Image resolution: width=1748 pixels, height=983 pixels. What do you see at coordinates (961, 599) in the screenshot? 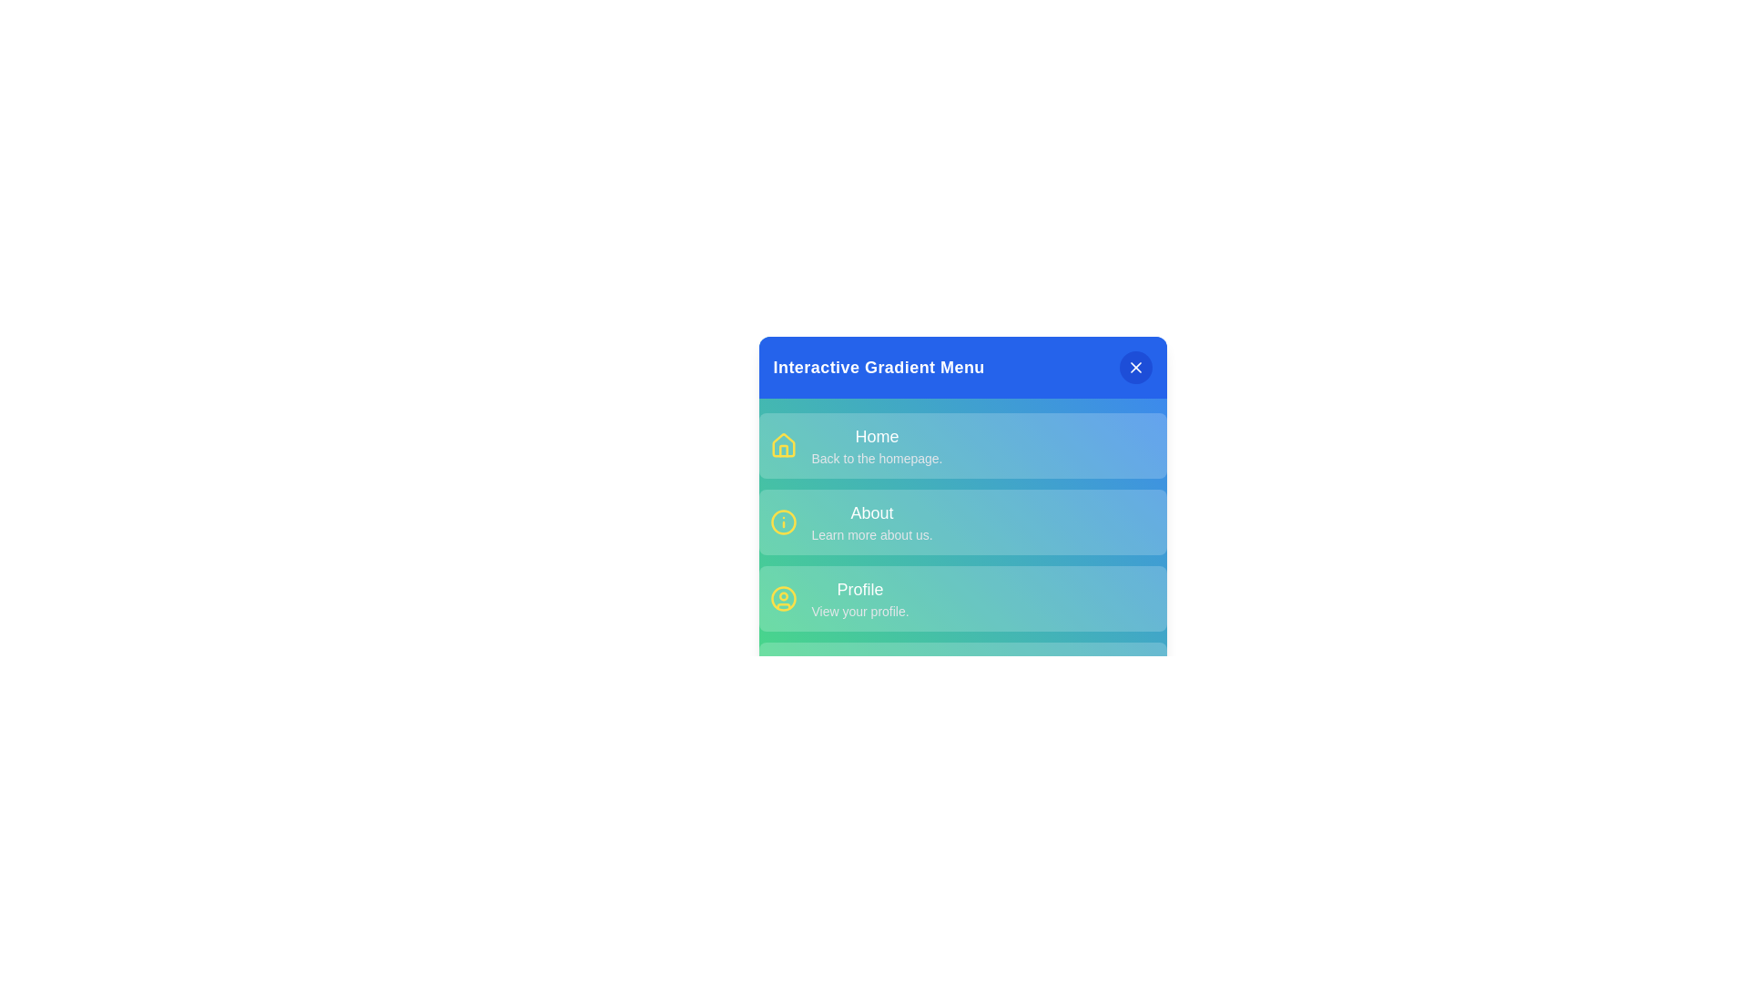
I see `the menu item corresponding to Profile` at bounding box center [961, 599].